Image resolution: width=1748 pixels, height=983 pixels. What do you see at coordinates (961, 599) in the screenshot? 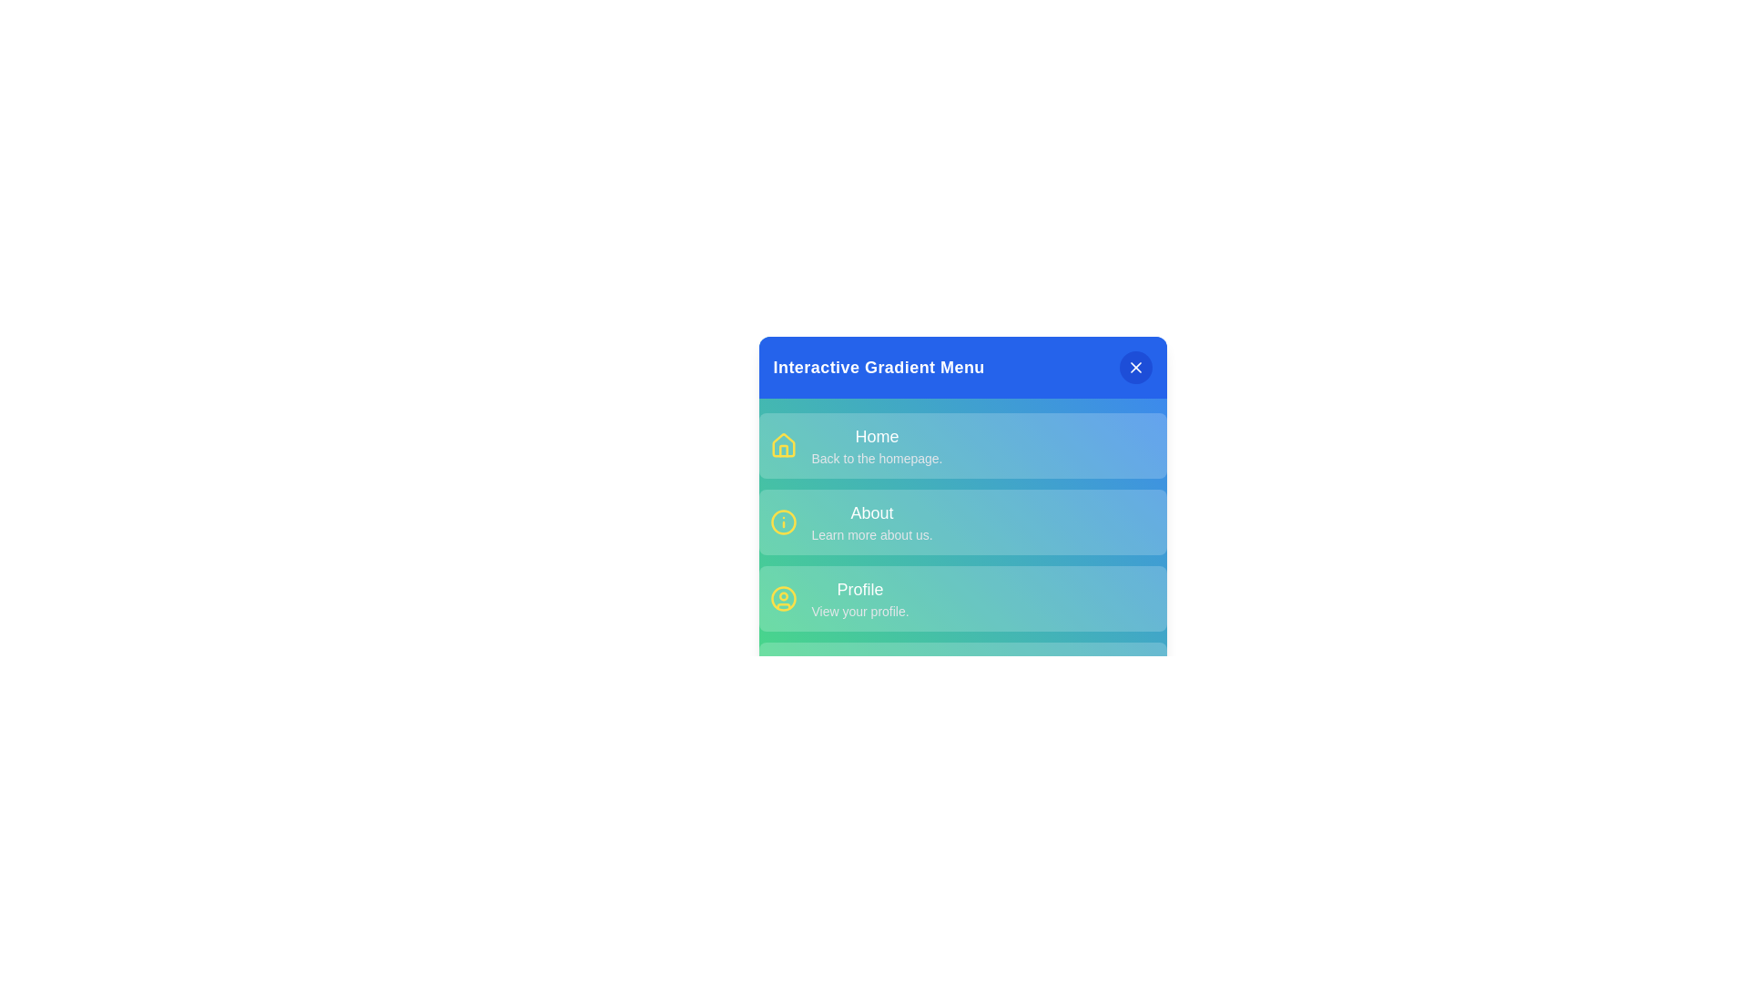
I see `the menu item corresponding to Profile` at bounding box center [961, 599].